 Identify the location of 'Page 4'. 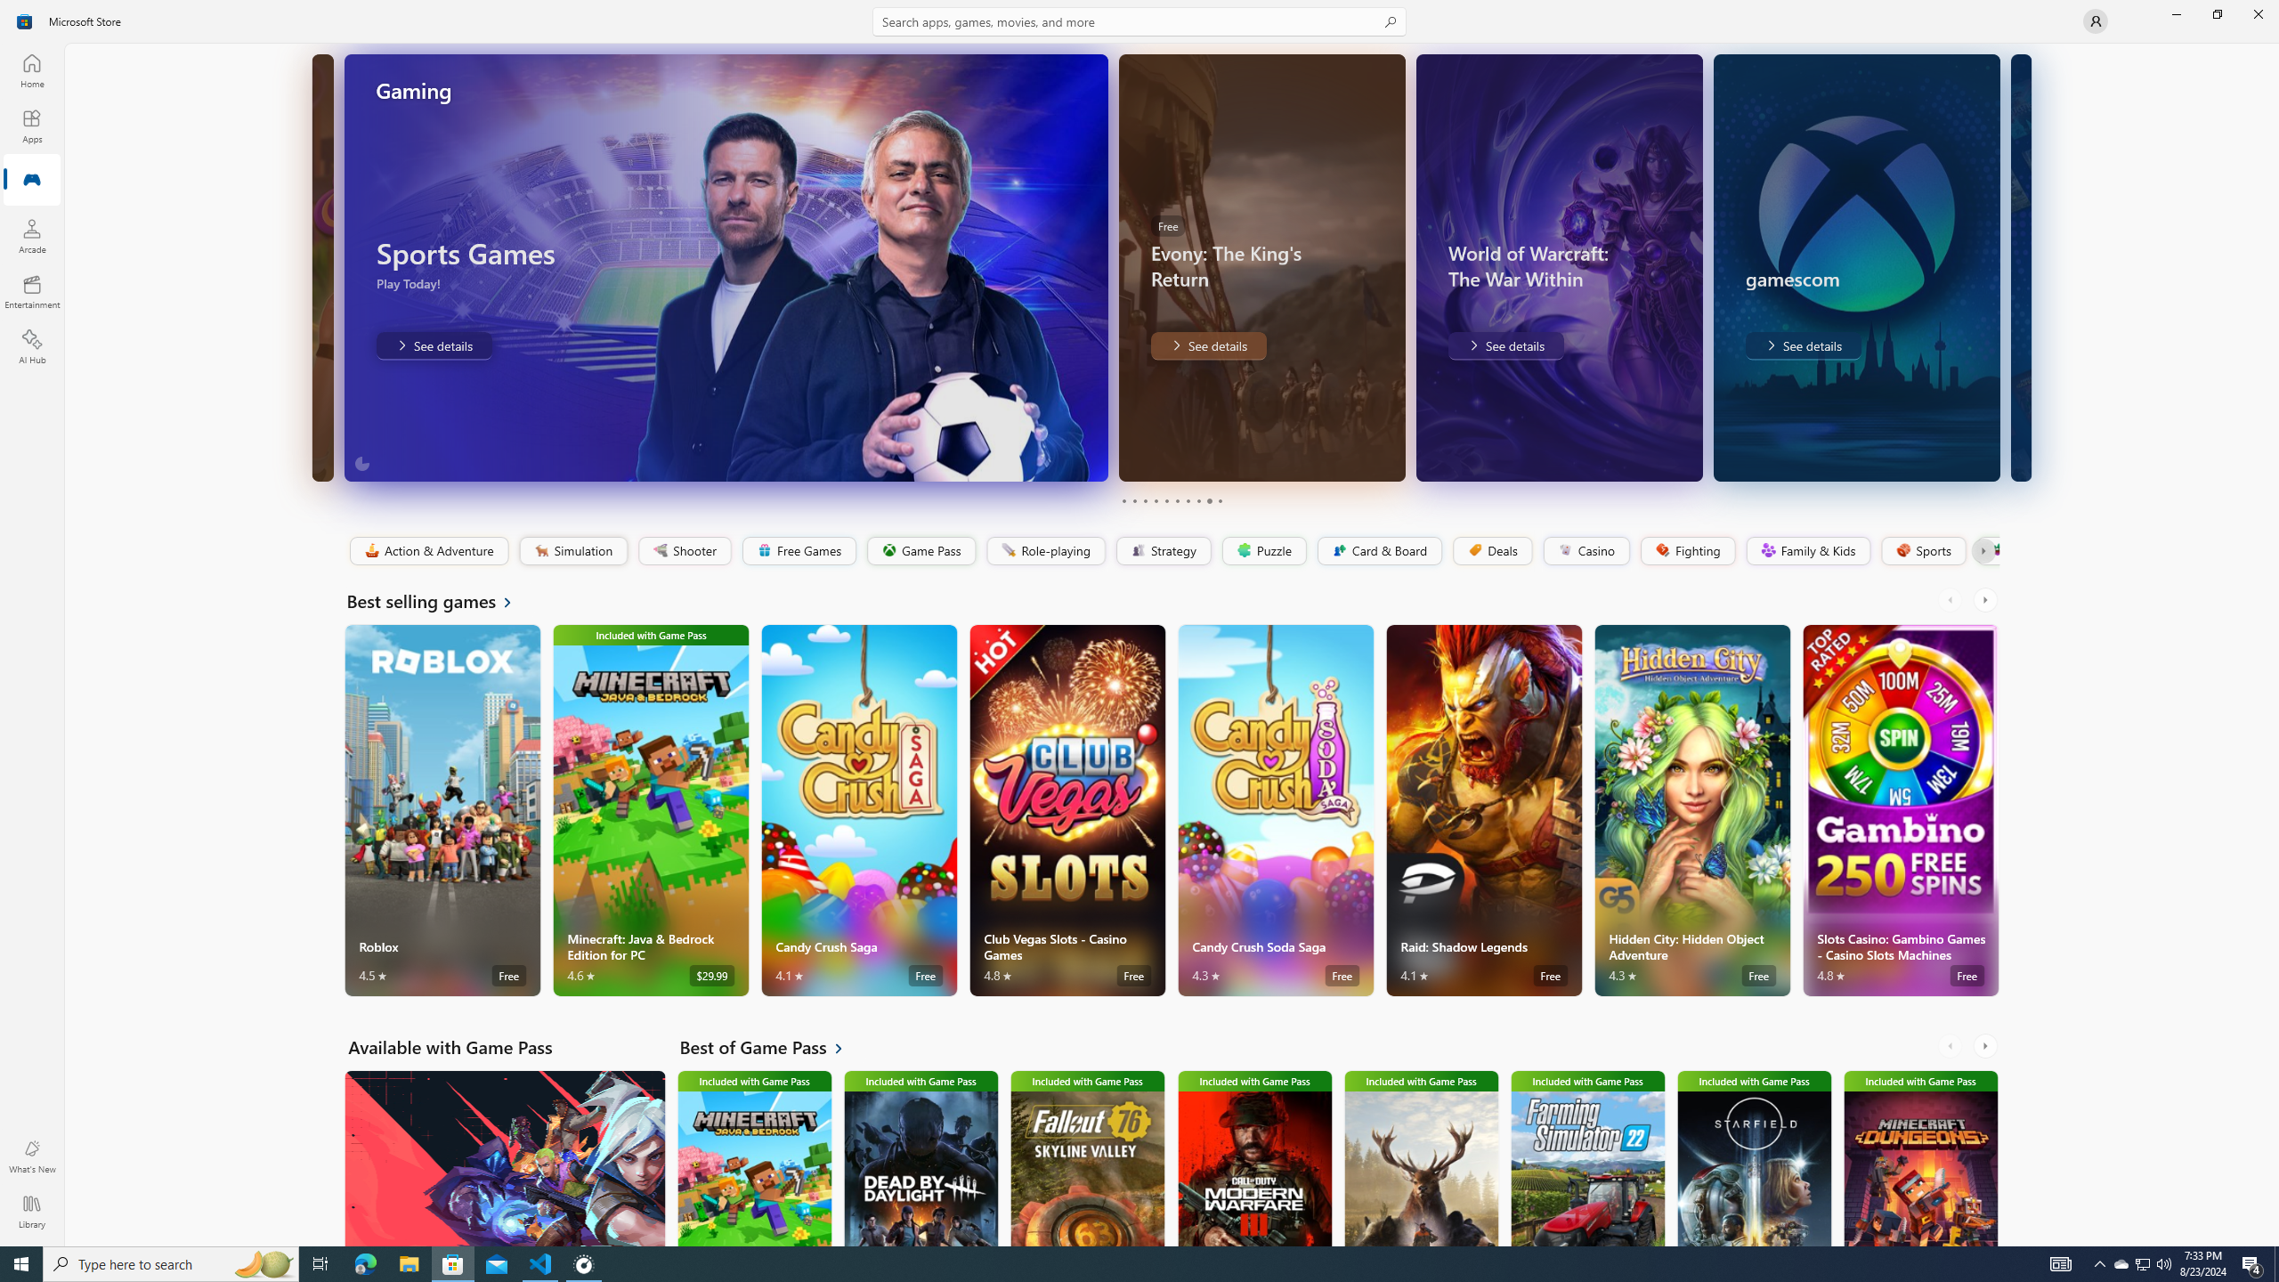
(1154, 500).